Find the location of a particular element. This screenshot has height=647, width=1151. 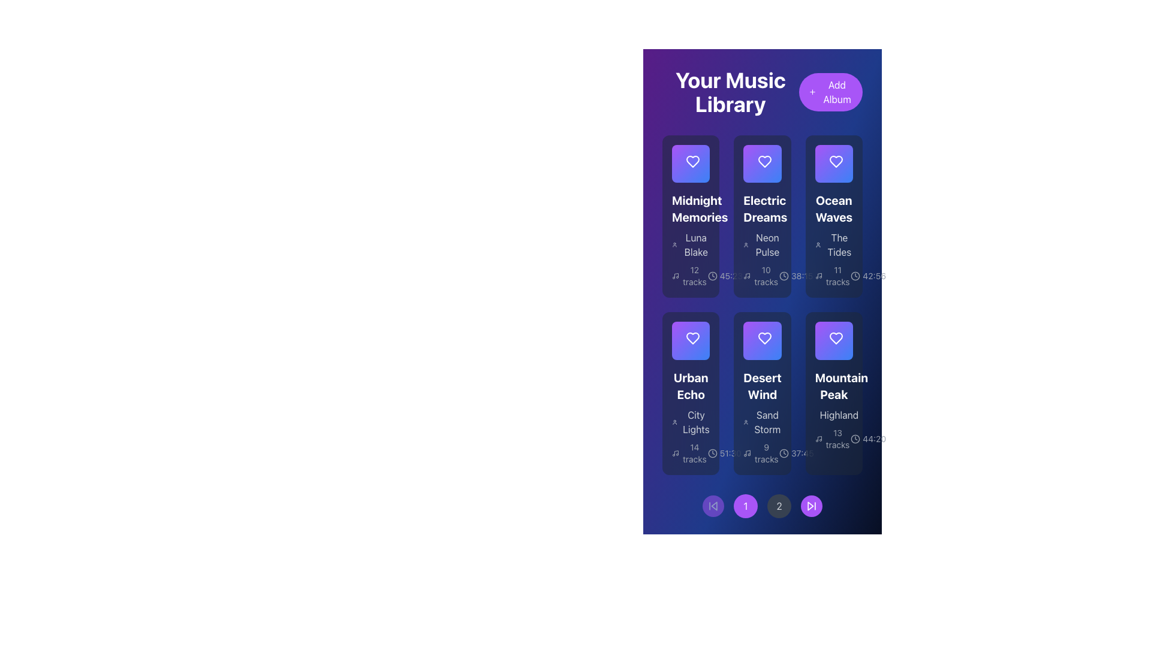

the circular button with the digit '2' inscribed on it, which is the third item in the horizontal list of navigation buttons at the bottom center of the interface is located at coordinates (762, 506).